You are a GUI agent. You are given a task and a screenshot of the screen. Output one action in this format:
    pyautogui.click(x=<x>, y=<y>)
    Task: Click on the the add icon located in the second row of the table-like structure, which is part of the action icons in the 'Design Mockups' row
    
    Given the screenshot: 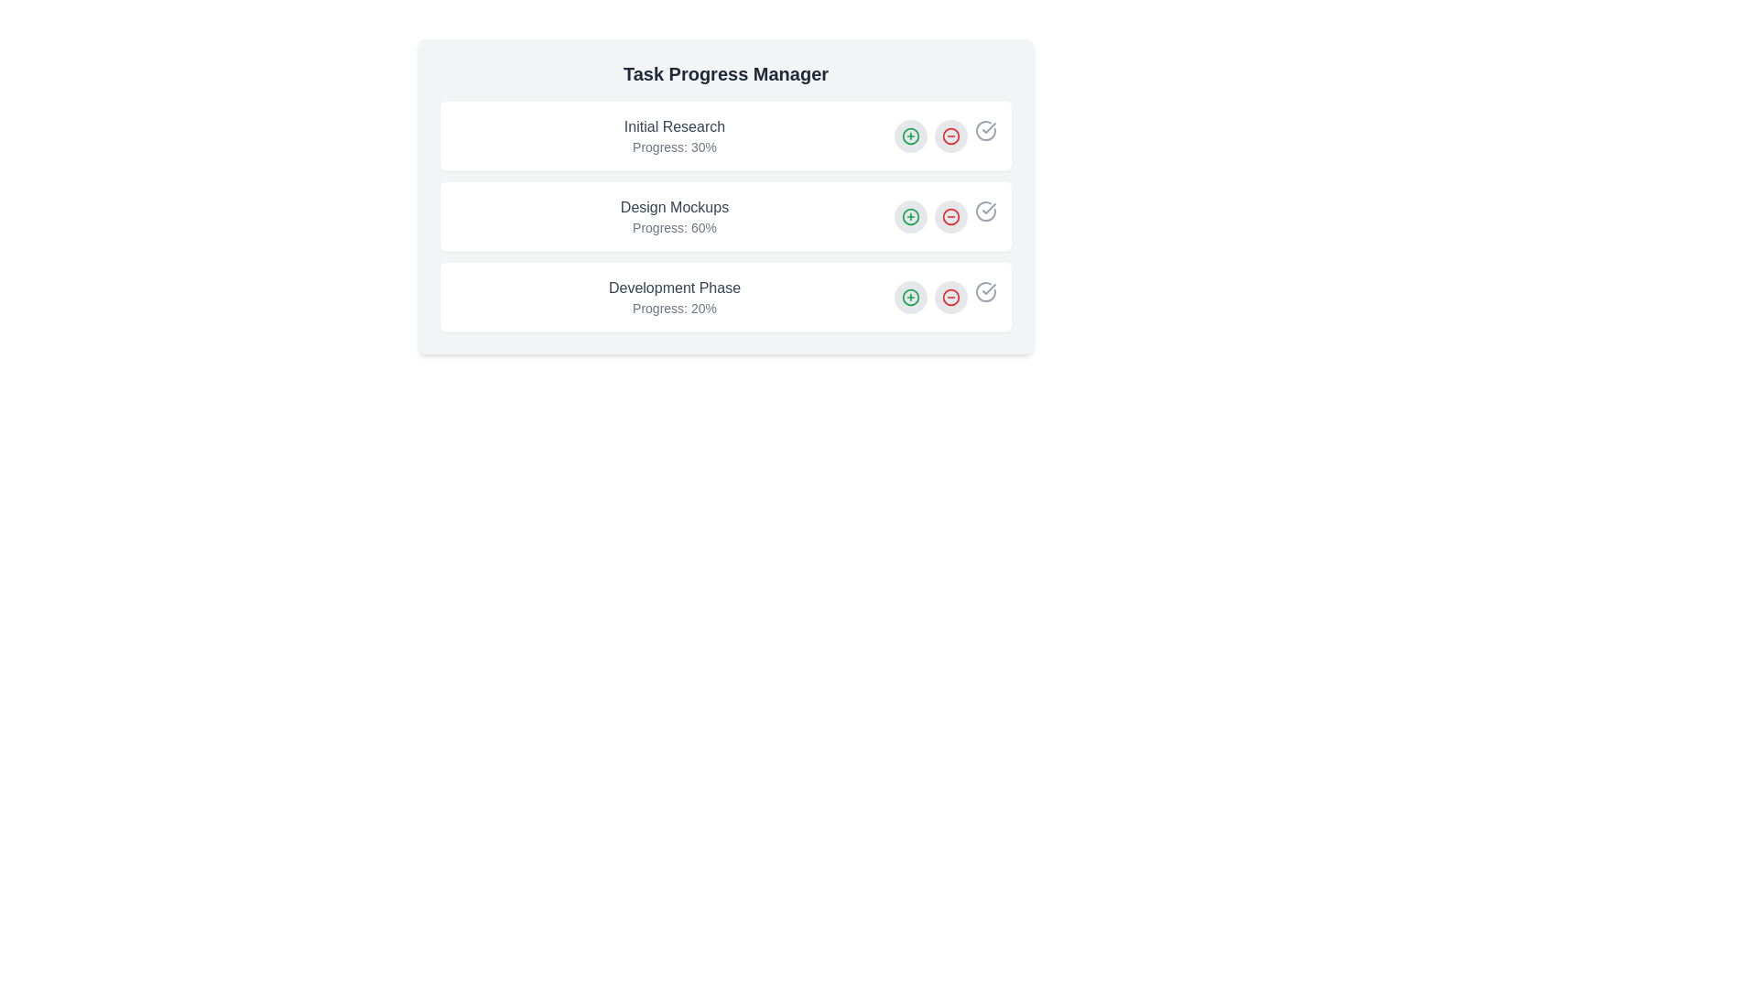 What is the action you would take?
    pyautogui.click(x=910, y=136)
    